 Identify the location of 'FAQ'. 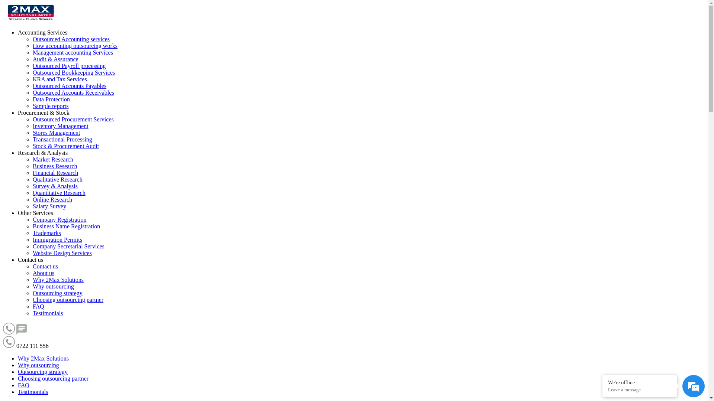
(18, 385).